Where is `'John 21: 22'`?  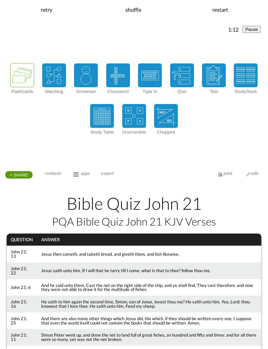
'John 21: 22' is located at coordinates (18, 270).